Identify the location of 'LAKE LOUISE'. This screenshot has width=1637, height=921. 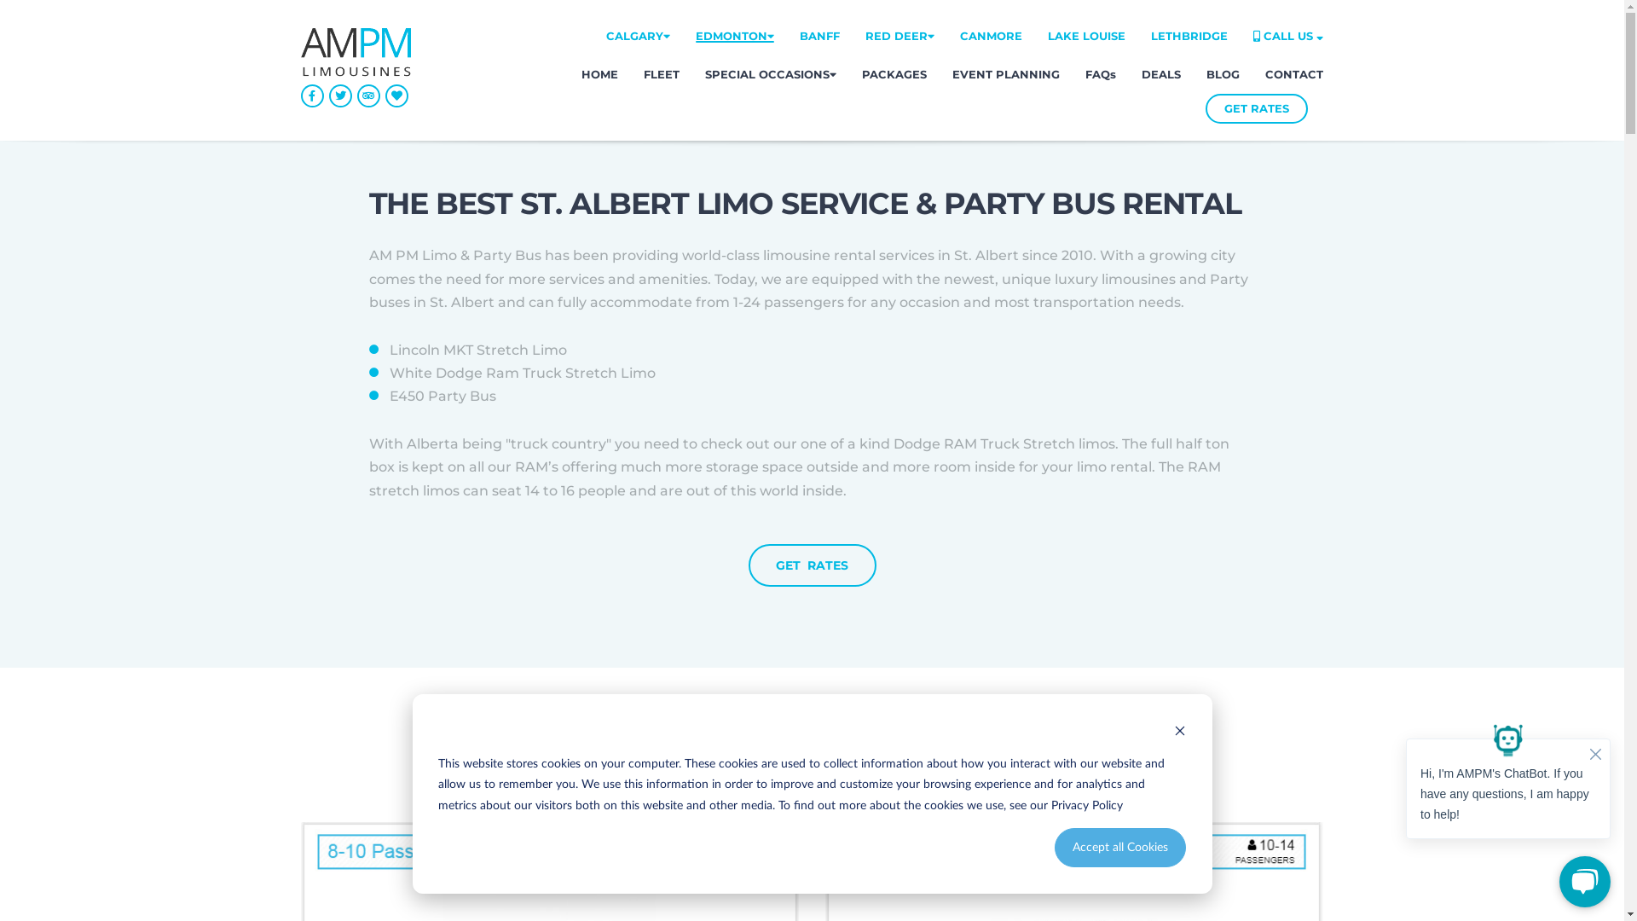
(1085, 36).